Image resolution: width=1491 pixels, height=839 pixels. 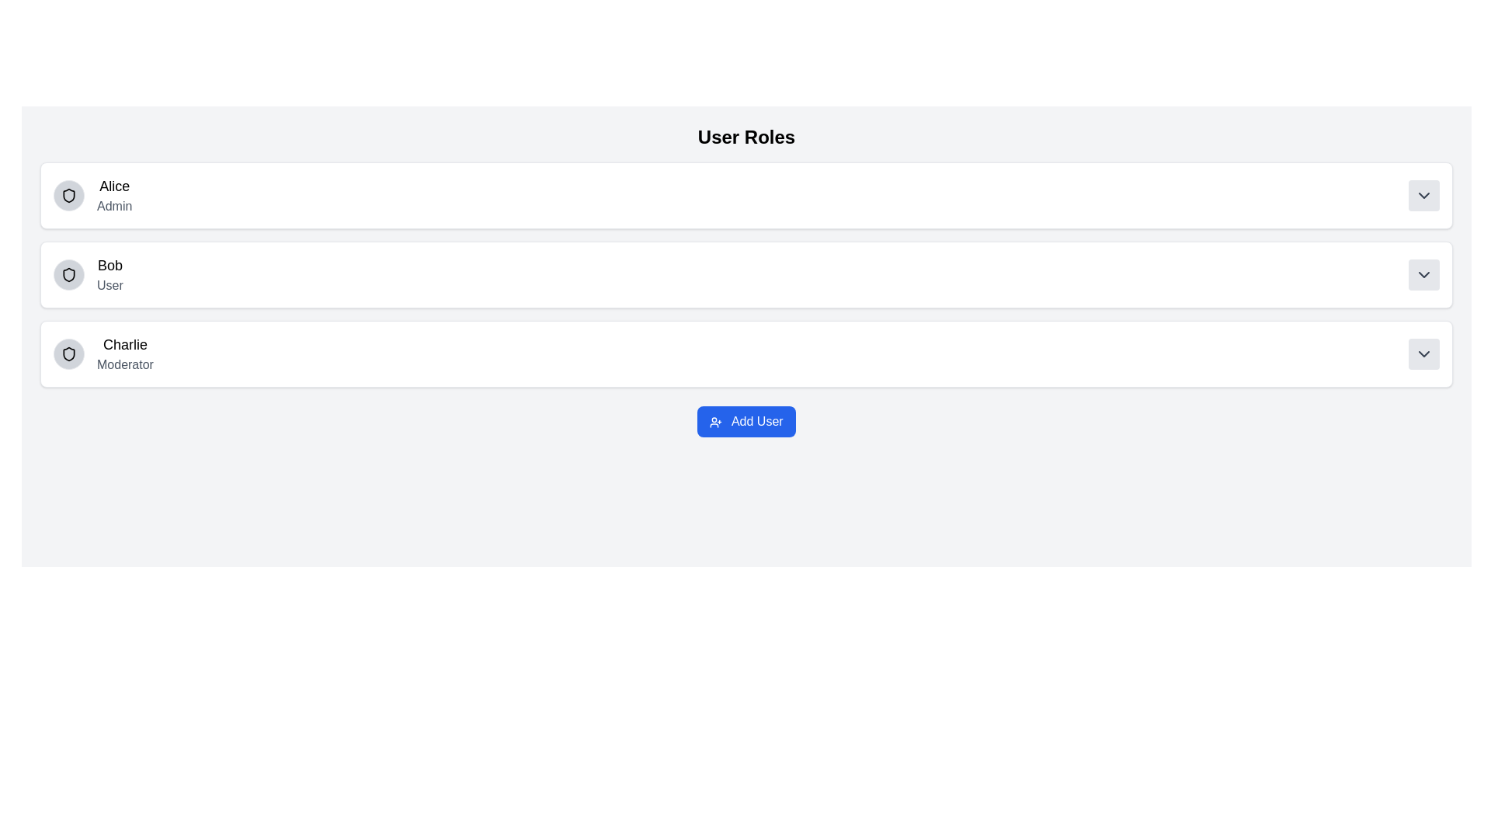 I want to click on the shield-shaped icon associated with user 'Bob' and role 'User', located in the second row of the user roles list, so click(x=68, y=274).